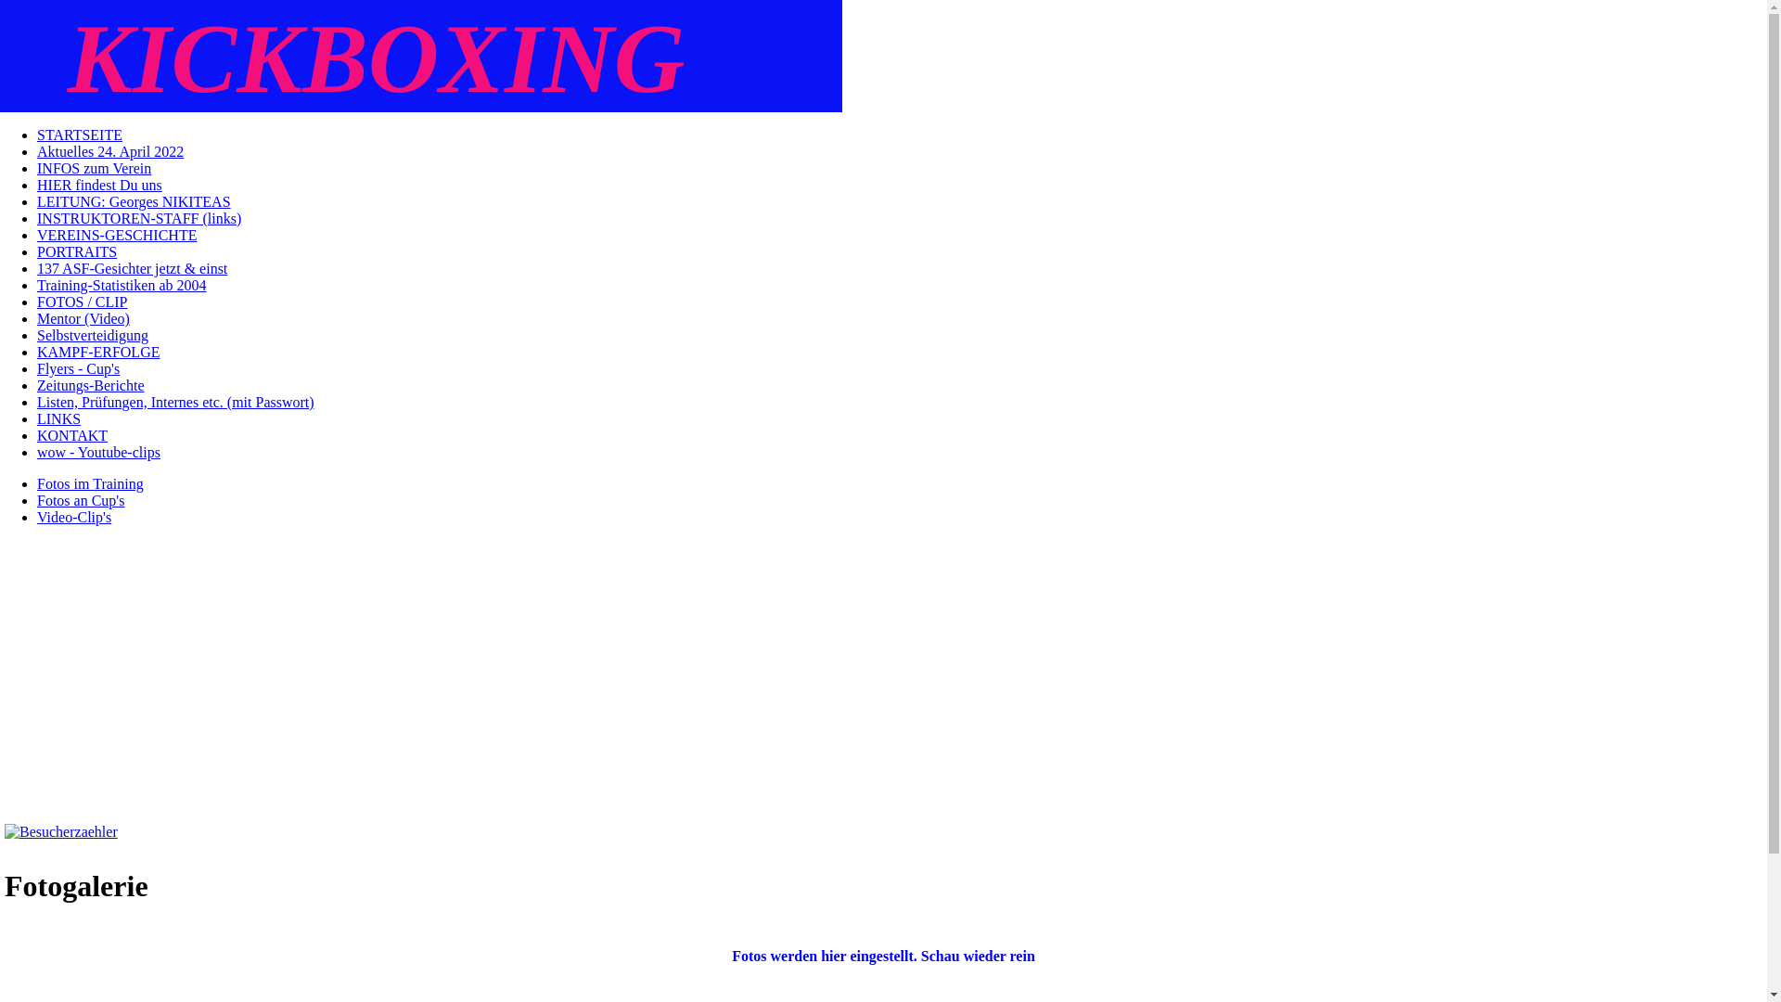 Image resolution: width=1781 pixels, height=1002 pixels. Describe the element at coordinates (92, 335) in the screenshot. I see `'Selbstverteidigung'` at that location.